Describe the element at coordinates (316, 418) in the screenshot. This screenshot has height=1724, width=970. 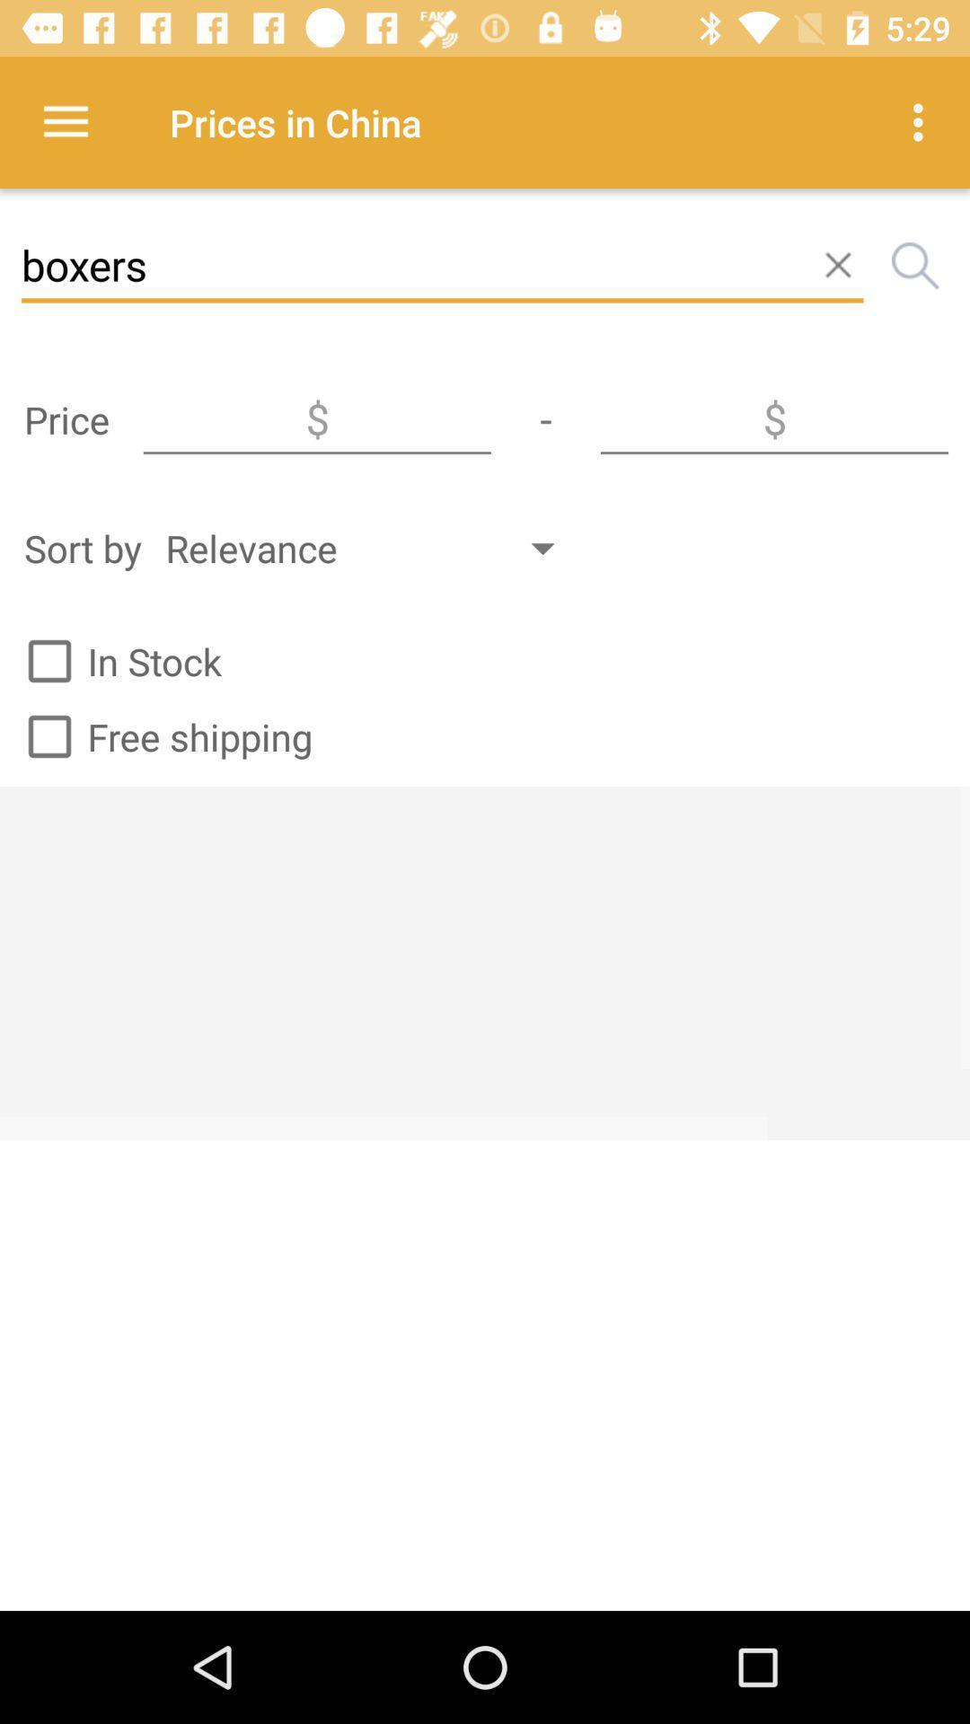
I see `the icon above the sort by icon` at that location.